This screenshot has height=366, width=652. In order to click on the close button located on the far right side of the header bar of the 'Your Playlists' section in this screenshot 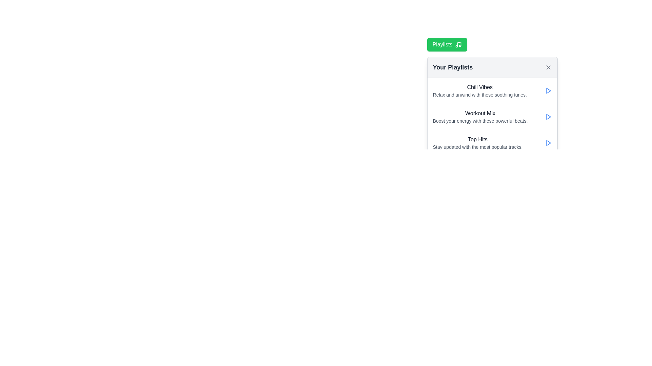, I will do `click(548, 67)`.